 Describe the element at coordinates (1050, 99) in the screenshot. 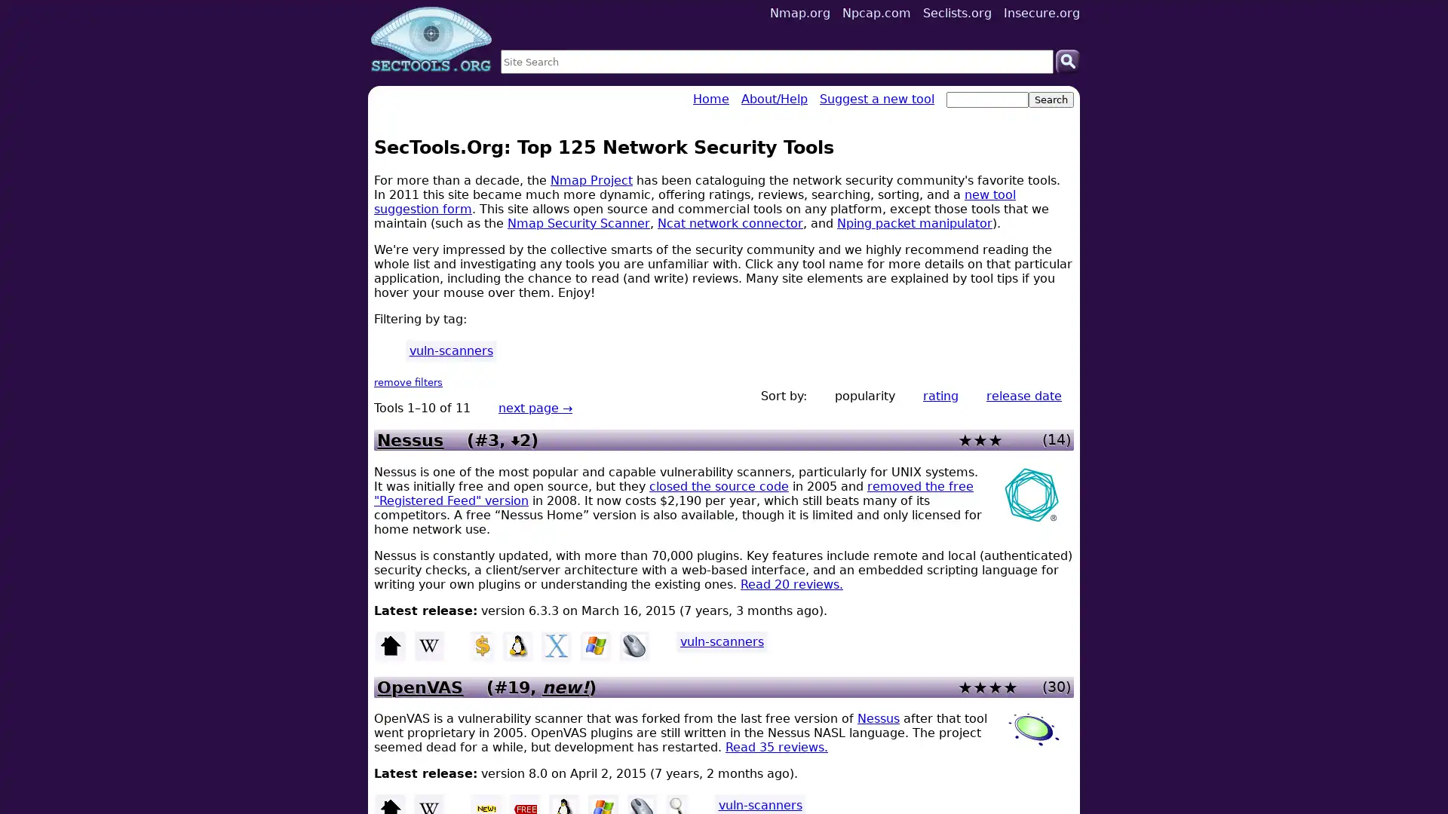

I see `Search` at that location.